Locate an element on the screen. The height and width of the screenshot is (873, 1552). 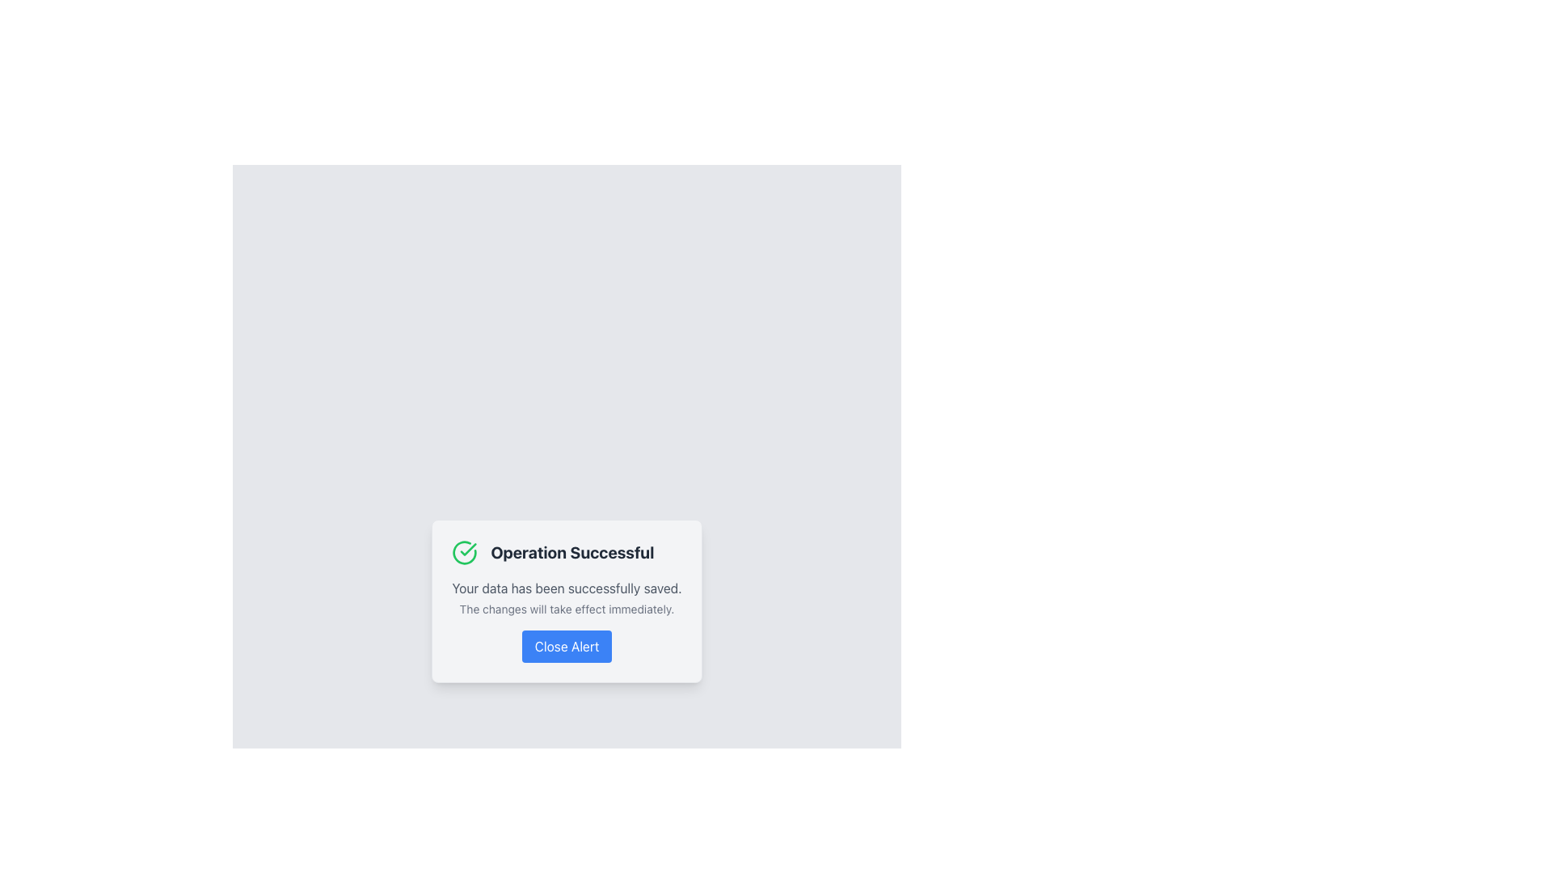
the 'Close Alert' button, which is a rectangular button with a blue background and white text, located centrally below the message 'The changes will take effect immediately.' is located at coordinates (567, 645).